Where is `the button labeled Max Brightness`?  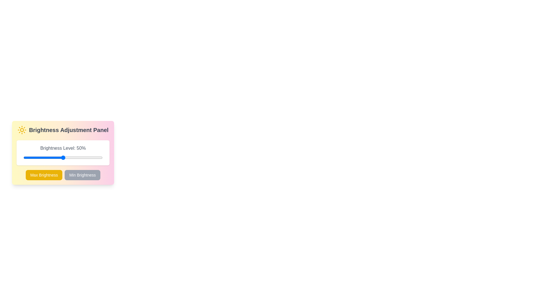 the button labeled Max Brightness is located at coordinates (43, 175).